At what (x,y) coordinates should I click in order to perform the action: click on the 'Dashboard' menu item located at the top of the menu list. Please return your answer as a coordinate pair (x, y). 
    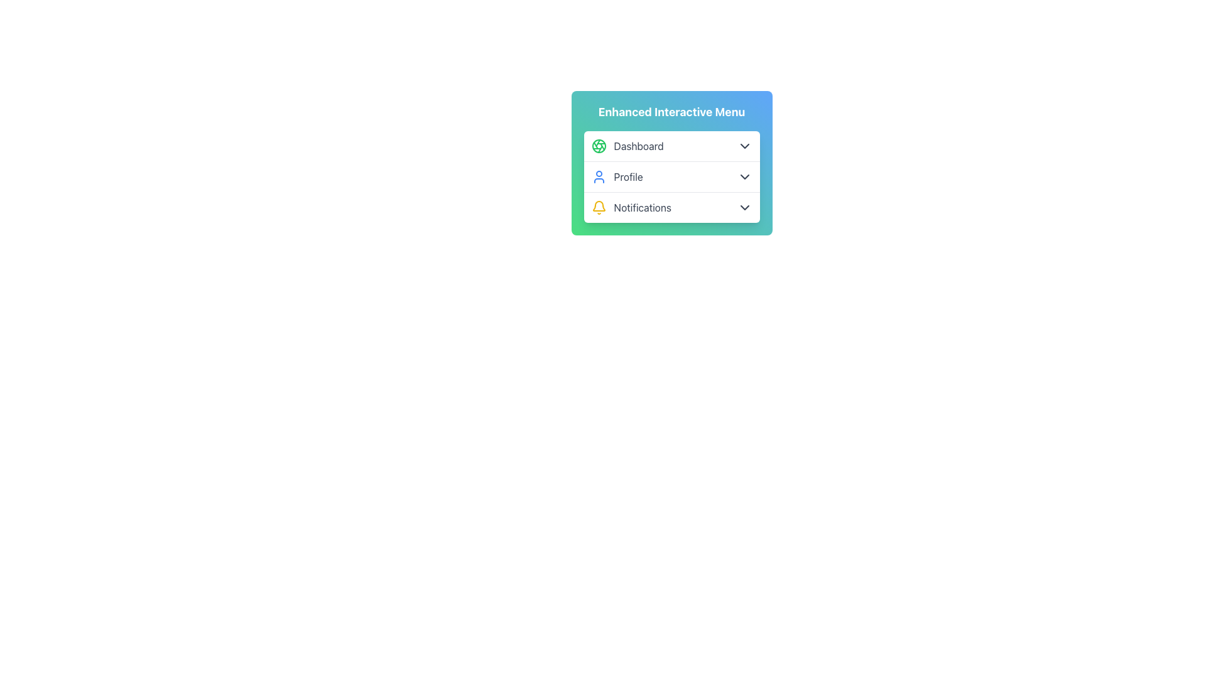
    Looking at the image, I should click on (671, 145).